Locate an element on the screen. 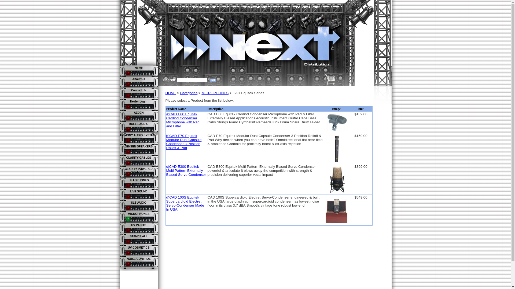  'SLS AUDIO' is located at coordinates (131, 202).